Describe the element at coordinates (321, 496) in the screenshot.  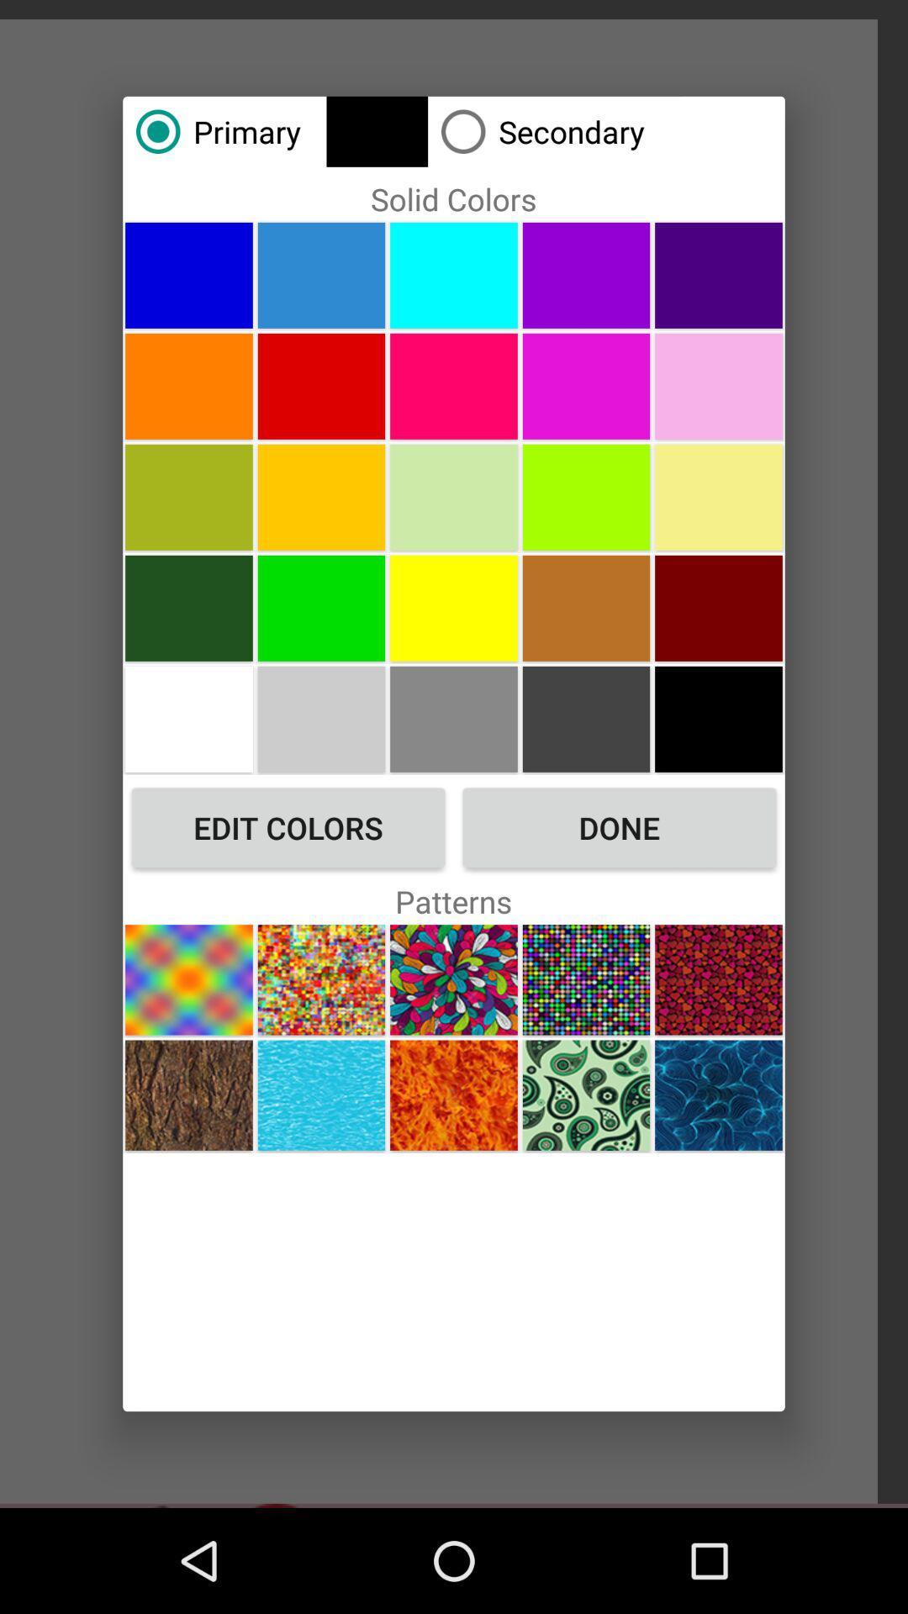
I see `showing colour options` at that location.